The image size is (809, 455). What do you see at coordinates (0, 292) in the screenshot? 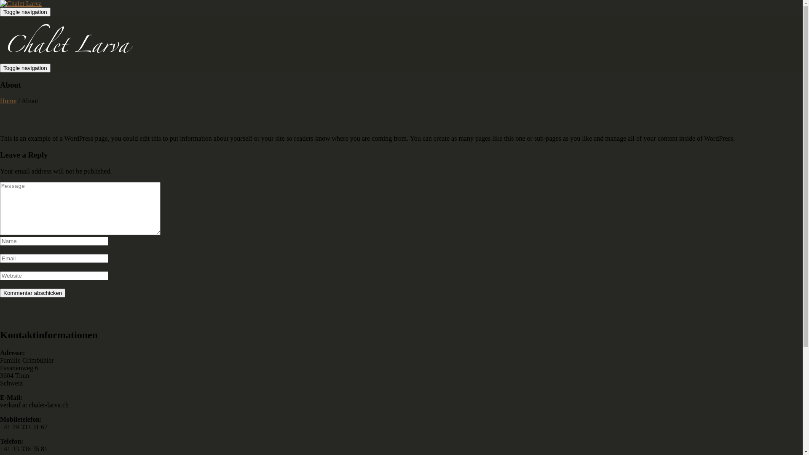
I see `'Kommentar abschicken'` at bounding box center [0, 292].